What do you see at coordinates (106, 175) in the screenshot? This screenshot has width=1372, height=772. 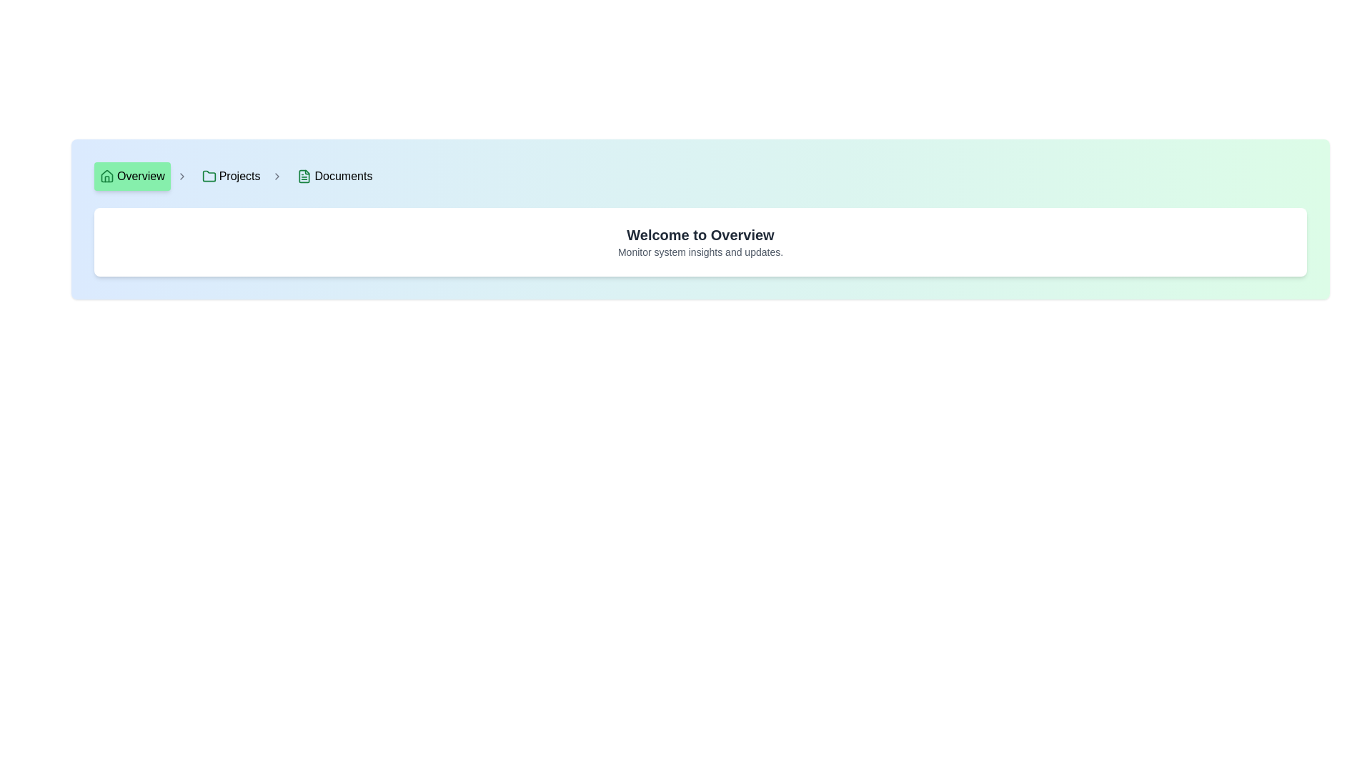 I see `the 'Overview' icon located in the breadcrumb navigation bar` at bounding box center [106, 175].